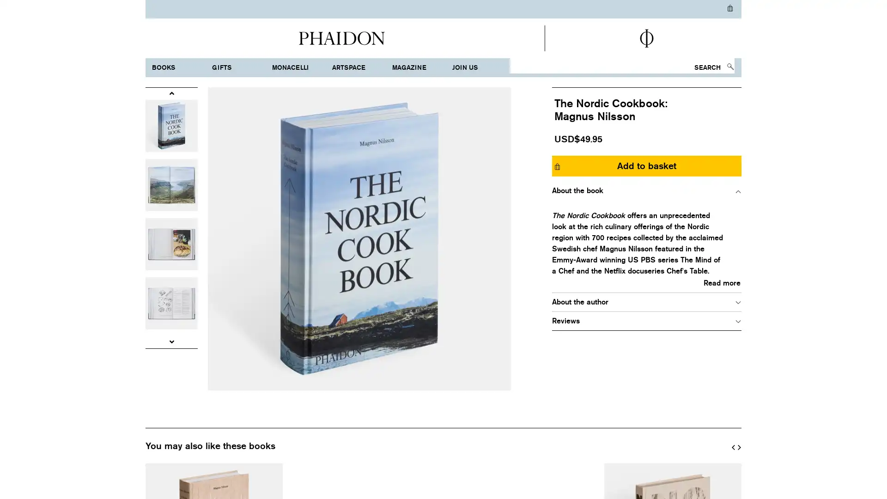 The width and height of the screenshot is (887, 499). What do you see at coordinates (358, 238) in the screenshot?
I see `The Nordic Cookbook` at bounding box center [358, 238].